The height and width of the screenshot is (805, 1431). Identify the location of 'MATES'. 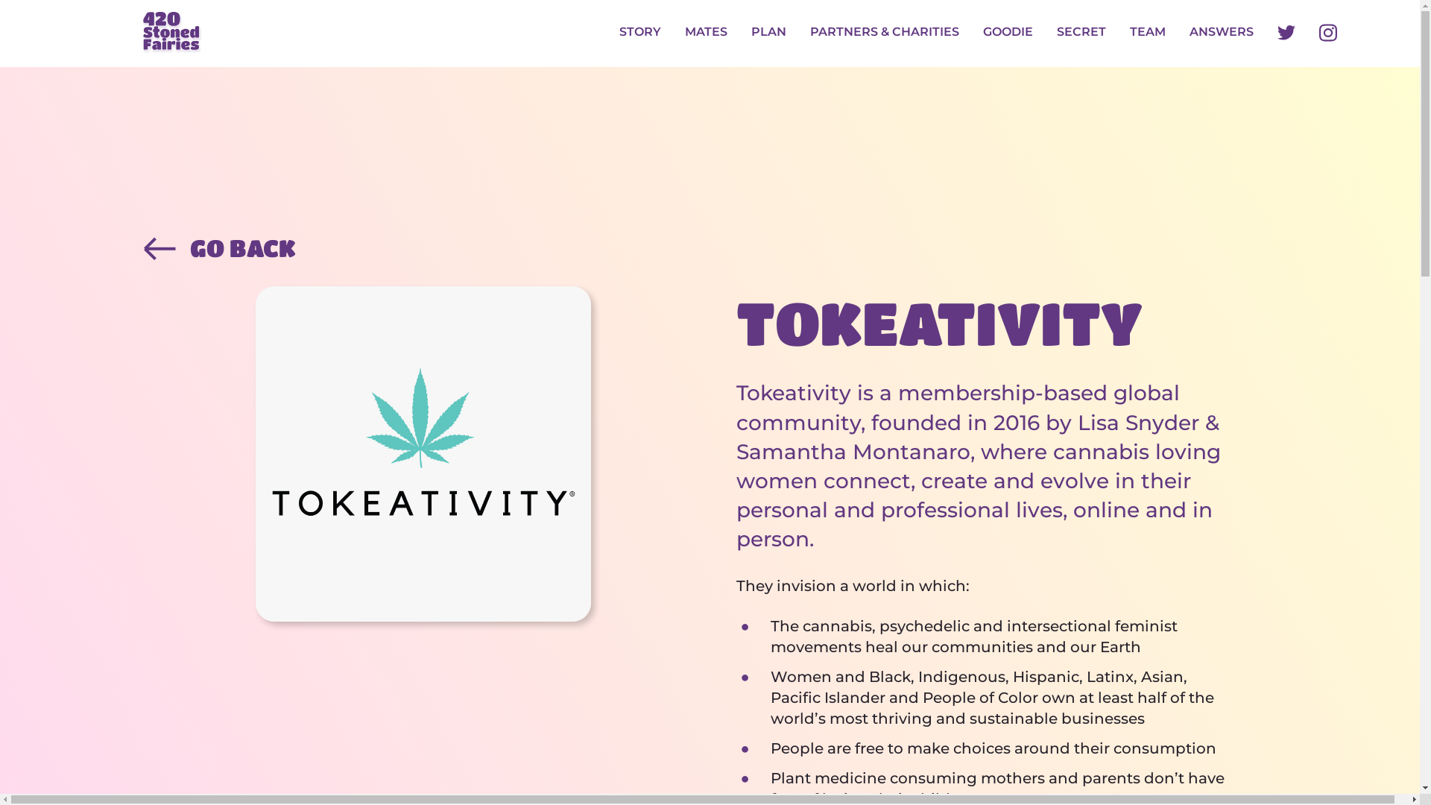
(683, 33).